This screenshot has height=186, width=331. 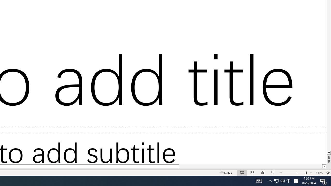 What do you see at coordinates (296, 173) in the screenshot?
I see `'Zoom'` at bounding box center [296, 173].